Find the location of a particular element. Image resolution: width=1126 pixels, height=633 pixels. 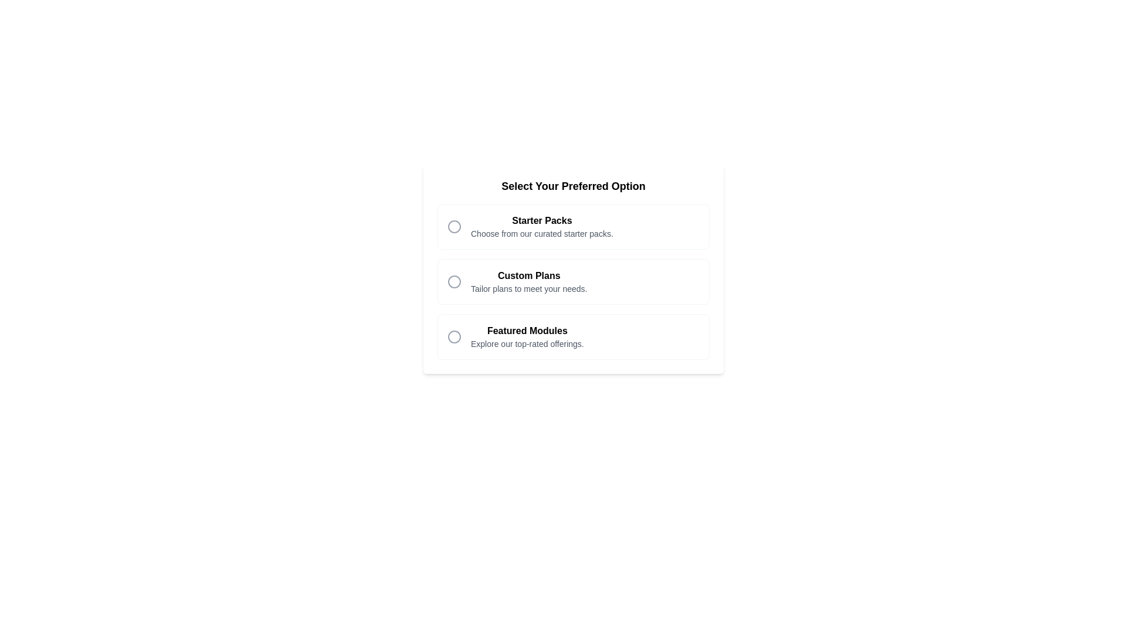

the text label 'Featured Modules', which serves as the title for the third selectable option in a vertical list of options is located at coordinates (527, 331).